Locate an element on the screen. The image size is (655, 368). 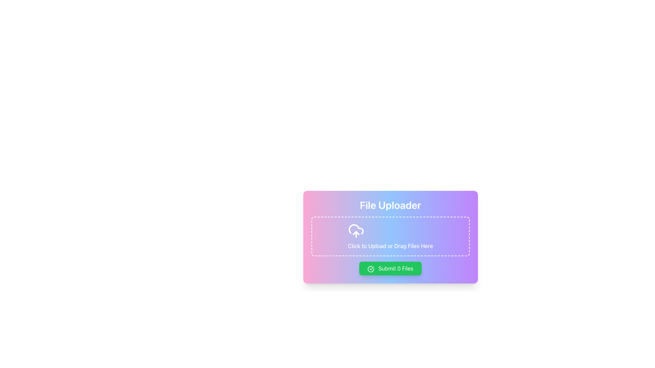
the descriptive header indicating the purpose of the panel to upload files, which is the topmost element in the centered panel is located at coordinates (390, 204).